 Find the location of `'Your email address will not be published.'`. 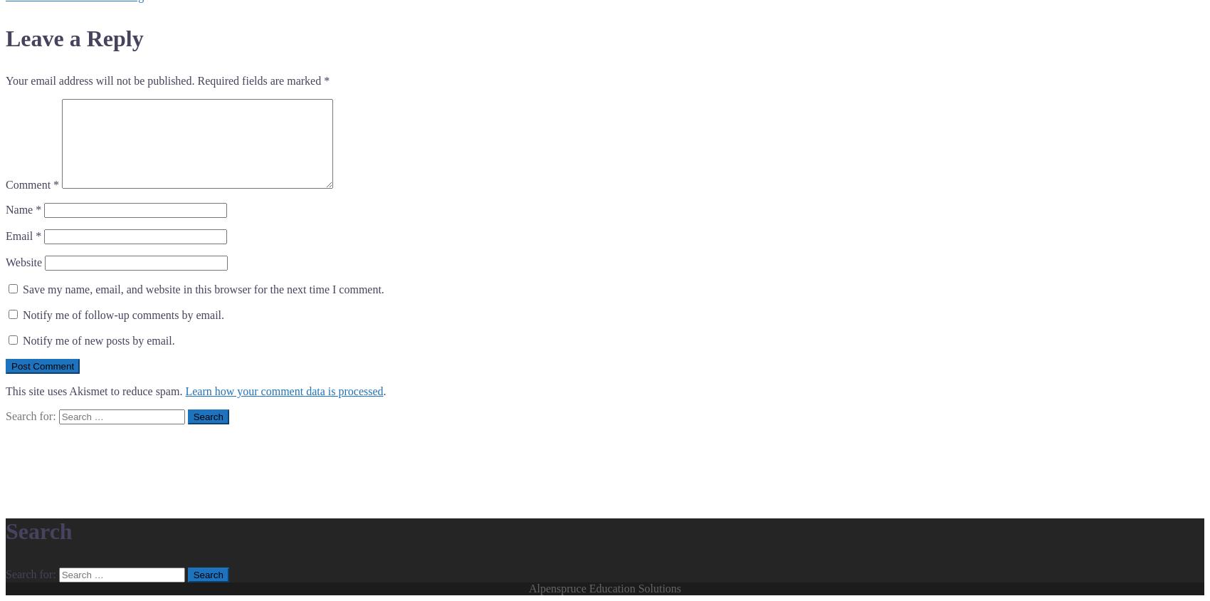

'Your email address will not be published.' is located at coordinates (99, 80).